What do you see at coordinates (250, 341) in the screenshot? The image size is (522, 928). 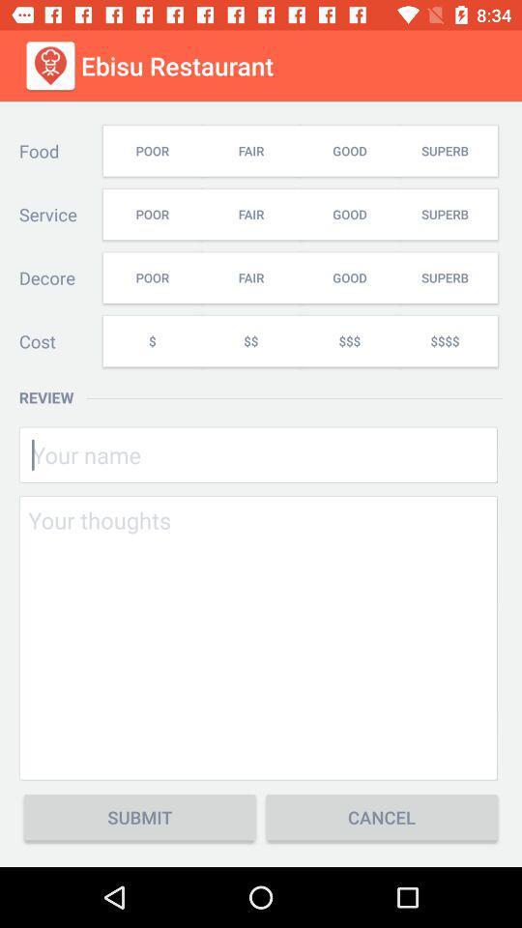 I see `icon to the left of the $$$ item` at bounding box center [250, 341].